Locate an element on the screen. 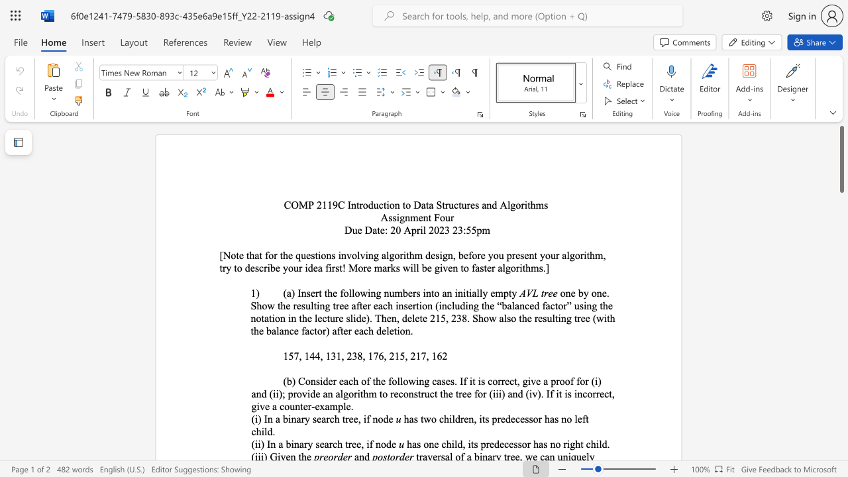 This screenshot has width=848, height=477. the 7th character "a" in the text is located at coordinates (501, 318).